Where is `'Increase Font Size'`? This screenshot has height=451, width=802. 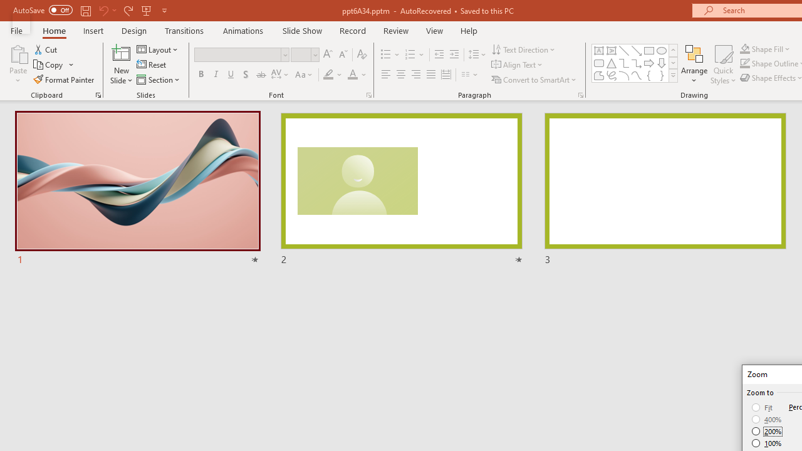 'Increase Font Size' is located at coordinates (327, 54).